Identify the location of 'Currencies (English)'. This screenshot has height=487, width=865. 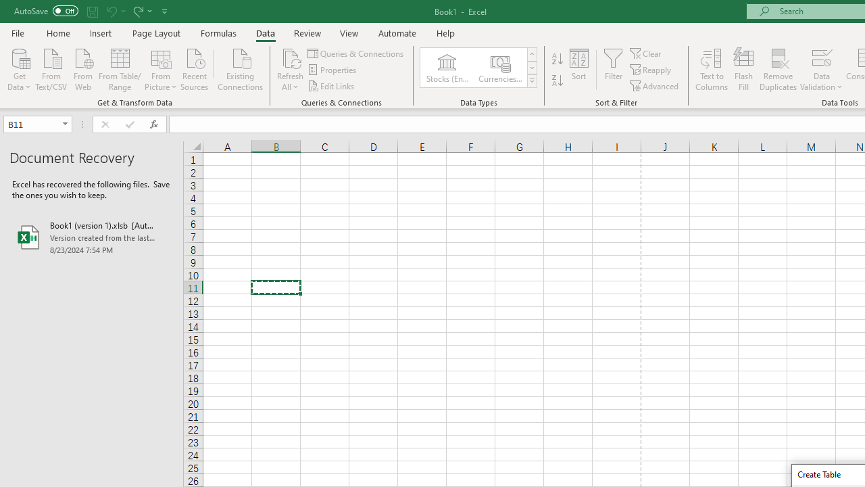
(499, 68).